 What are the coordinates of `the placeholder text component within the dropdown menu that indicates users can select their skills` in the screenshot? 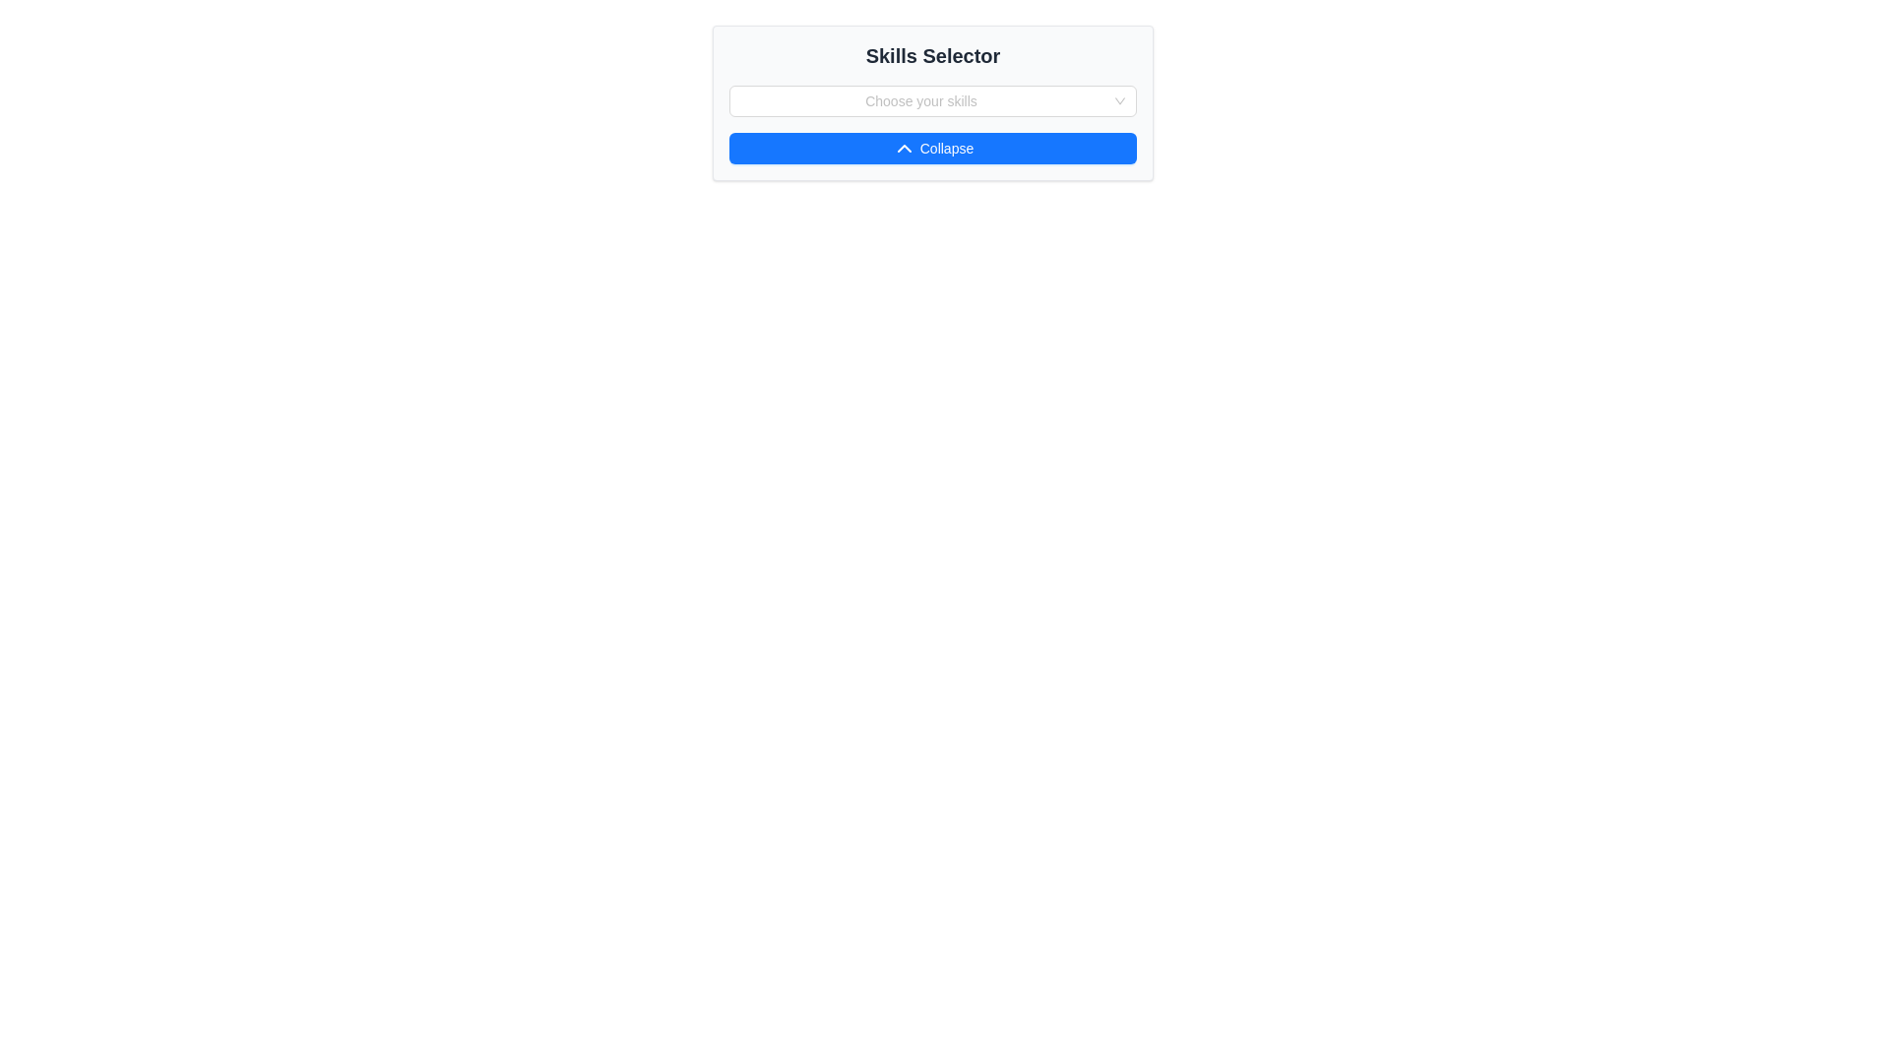 It's located at (920, 101).